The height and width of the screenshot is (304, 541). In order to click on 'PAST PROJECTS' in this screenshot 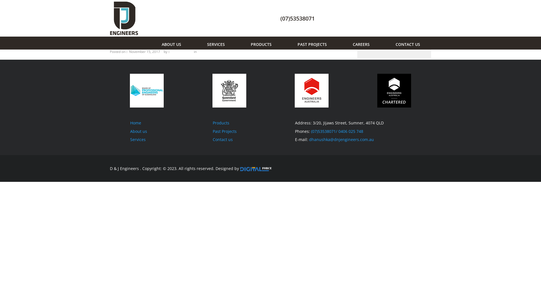, I will do `click(311, 43)`.